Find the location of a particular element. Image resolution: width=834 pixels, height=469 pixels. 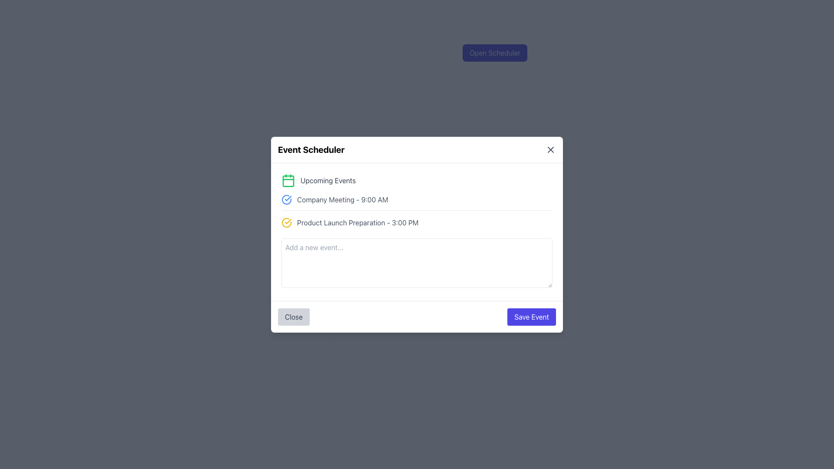

text label 'Product Launch Preparation - 3:00 PM' which is accompanied by a yellow check mark icon, located in the 'Event Scheduler' modal dialog box as the second item in the list of events is located at coordinates (417, 222).